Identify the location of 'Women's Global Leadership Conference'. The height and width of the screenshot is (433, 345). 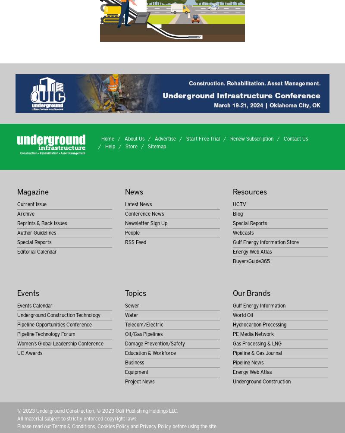
(60, 342).